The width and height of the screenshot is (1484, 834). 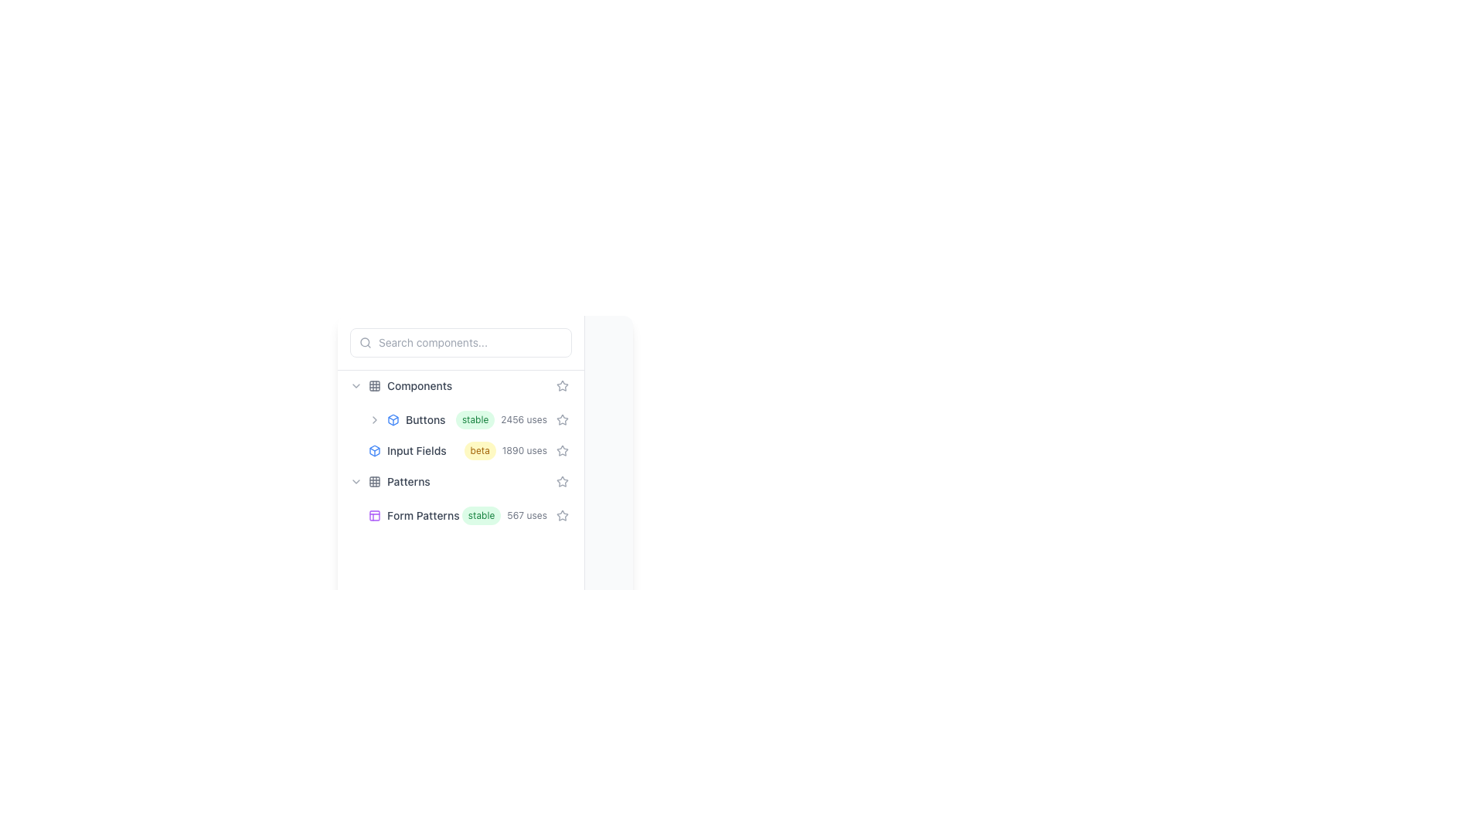 What do you see at coordinates (412, 419) in the screenshot?
I see `the label that serves as a navigation anchor for the 'Buttons' component category, located at the topmost row of its group in the 'Components' section` at bounding box center [412, 419].